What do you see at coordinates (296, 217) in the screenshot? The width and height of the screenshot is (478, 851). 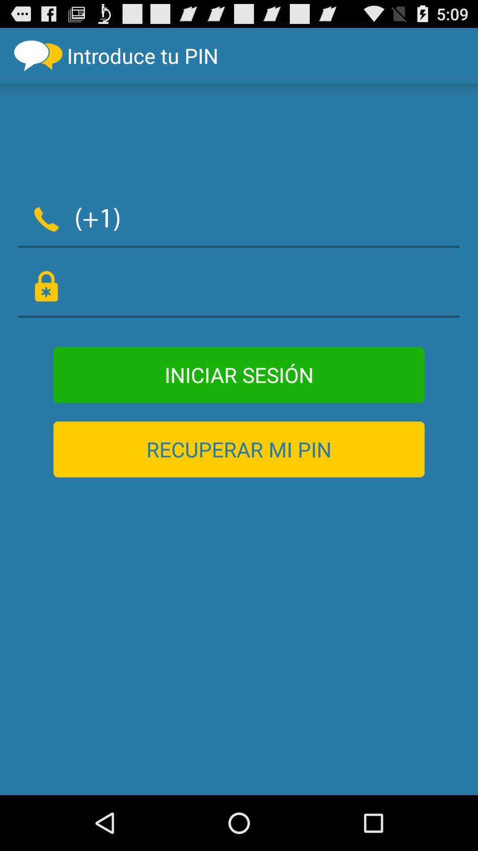 I see `phone number` at bounding box center [296, 217].